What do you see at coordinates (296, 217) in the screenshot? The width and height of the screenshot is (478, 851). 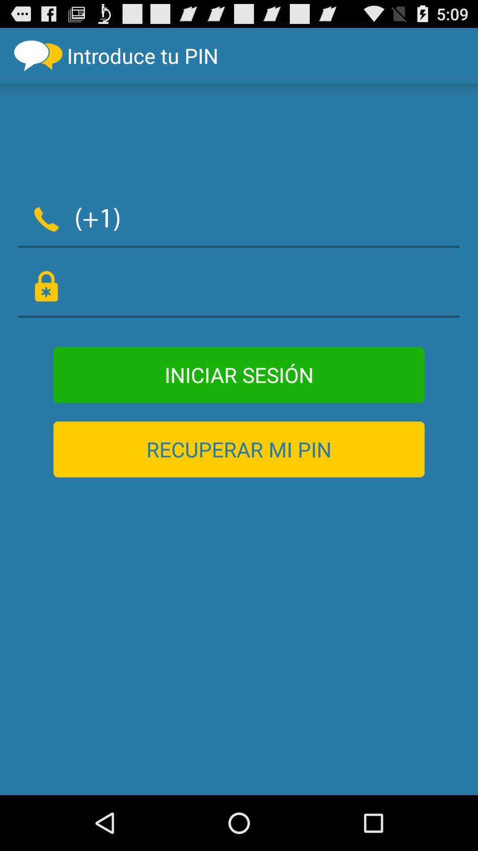 I see `phone number` at bounding box center [296, 217].